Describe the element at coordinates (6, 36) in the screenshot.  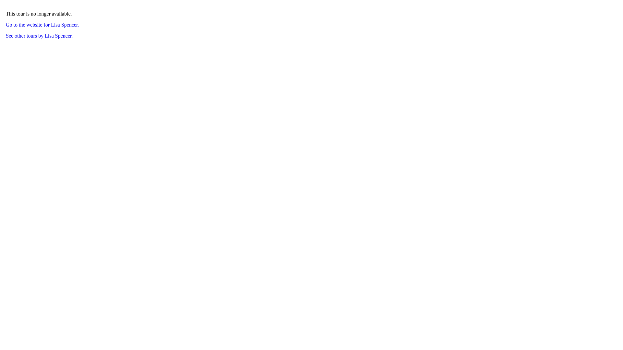
I see `'See other tours by Lisa Spencer.'` at that location.